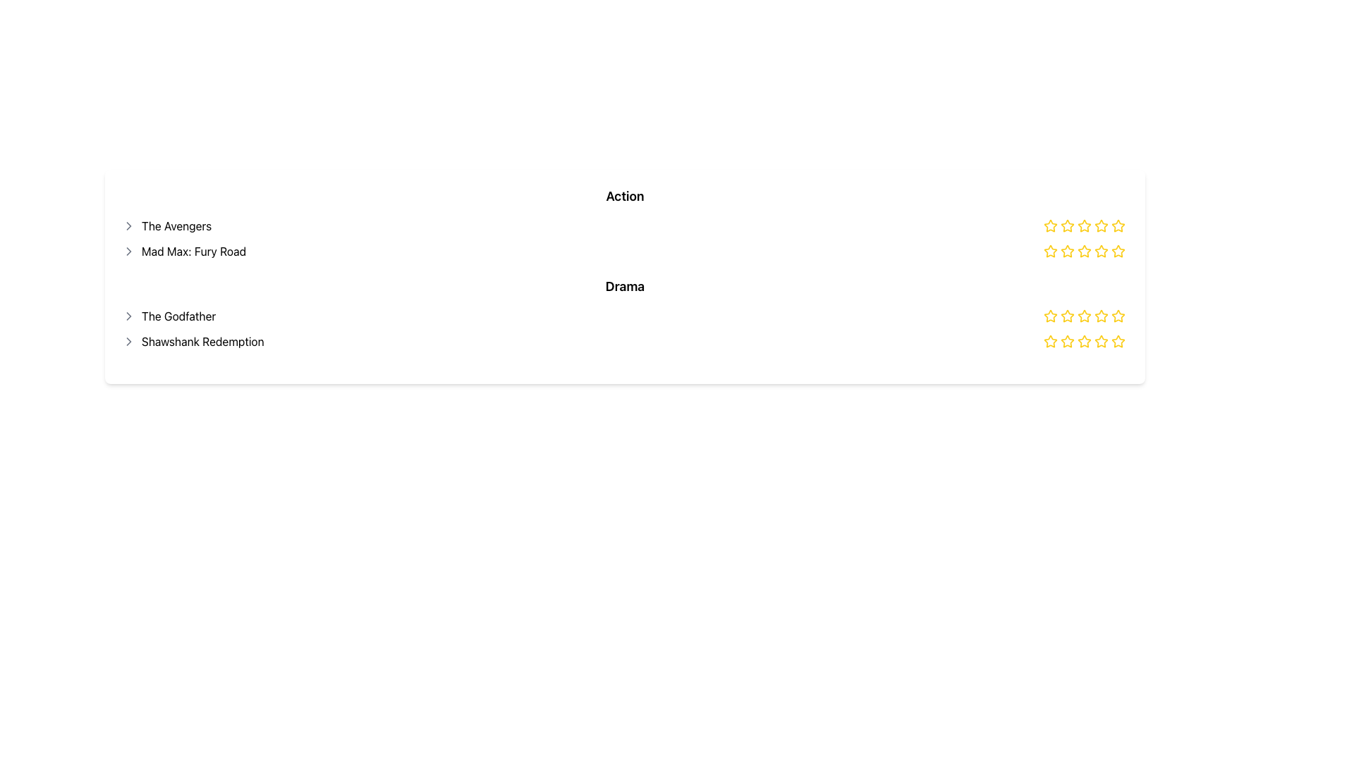  What do you see at coordinates (128, 225) in the screenshot?
I see `the chevron icon located to the left of the text 'The Avengers'` at bounding box center [128, 225].